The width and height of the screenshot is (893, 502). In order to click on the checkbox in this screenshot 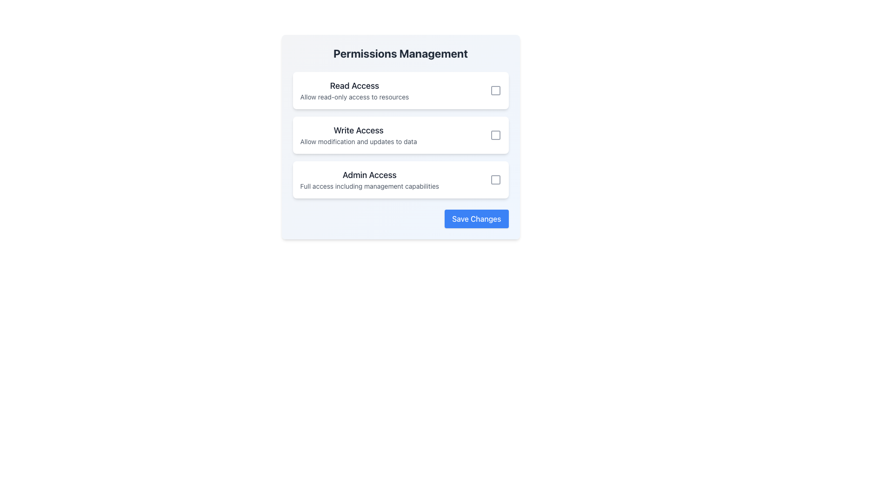, I will do `click(400, 137)`.